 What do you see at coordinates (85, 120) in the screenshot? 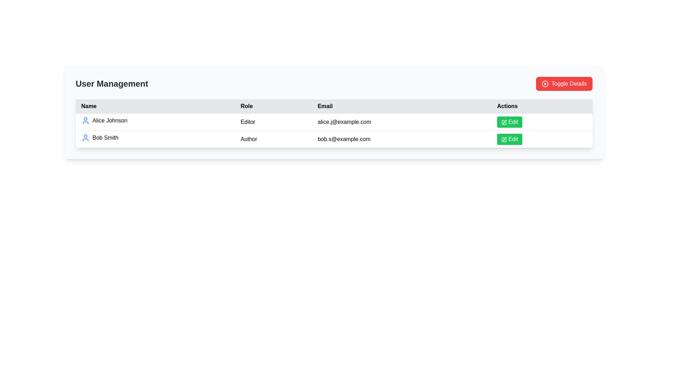
I see `the user icon styled as a line drawing of a person in blue next to the name 'Alice Johnson' in the 'User Management' table` at bounding box center [85, 120].